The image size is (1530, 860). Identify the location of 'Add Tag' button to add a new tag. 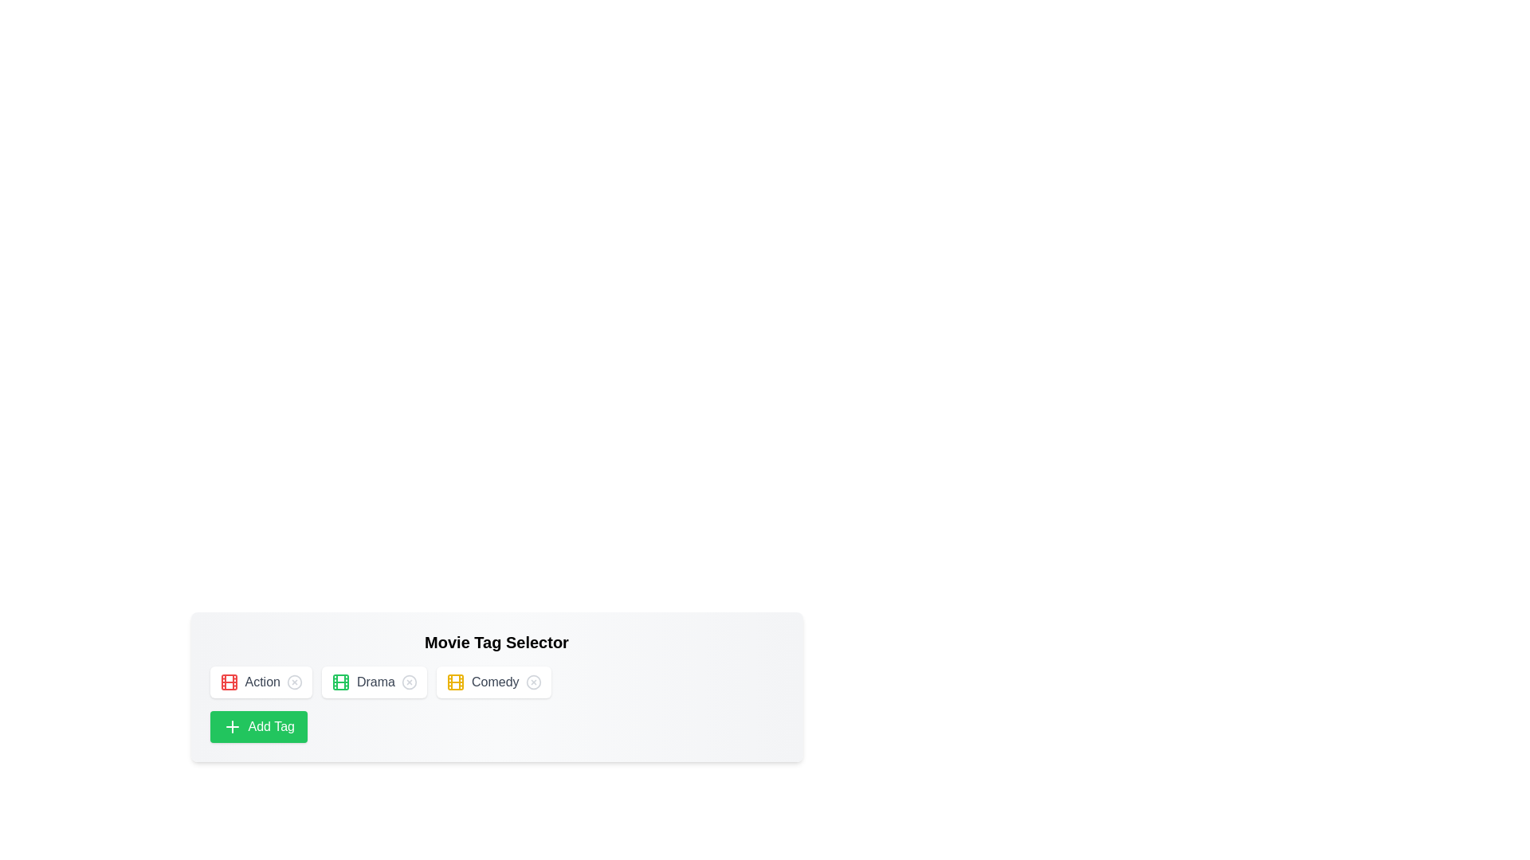
(258, 727).